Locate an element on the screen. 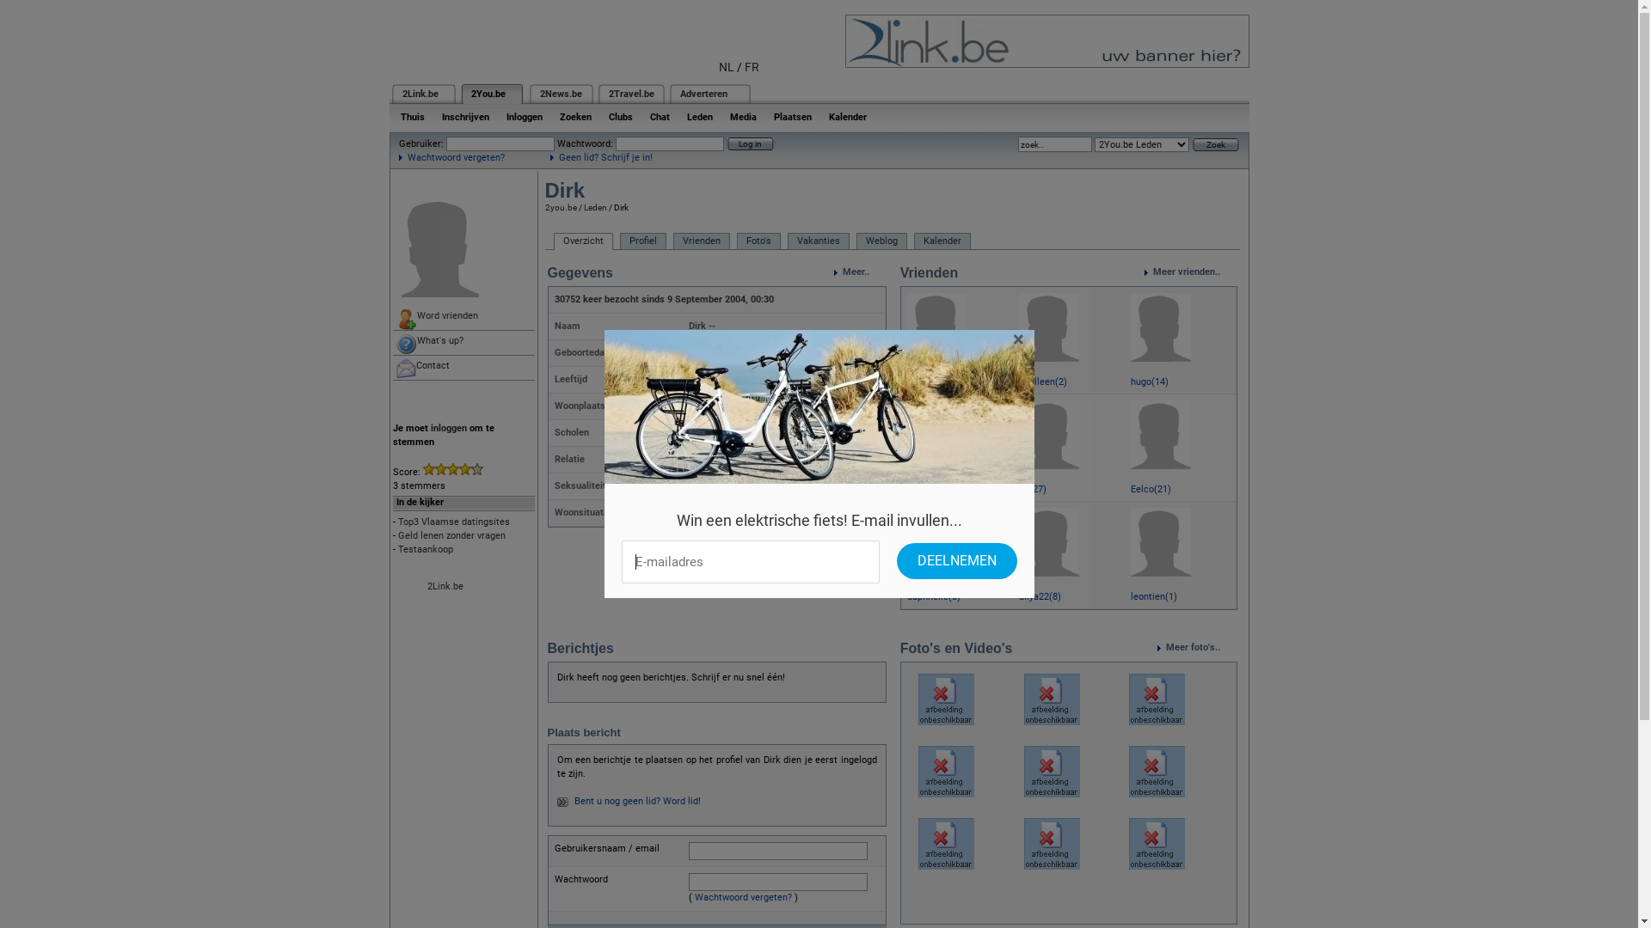 Image resolution: width=1651 pixels, height=928 pixels. 'Leden' is located at coordinates (676, 116).